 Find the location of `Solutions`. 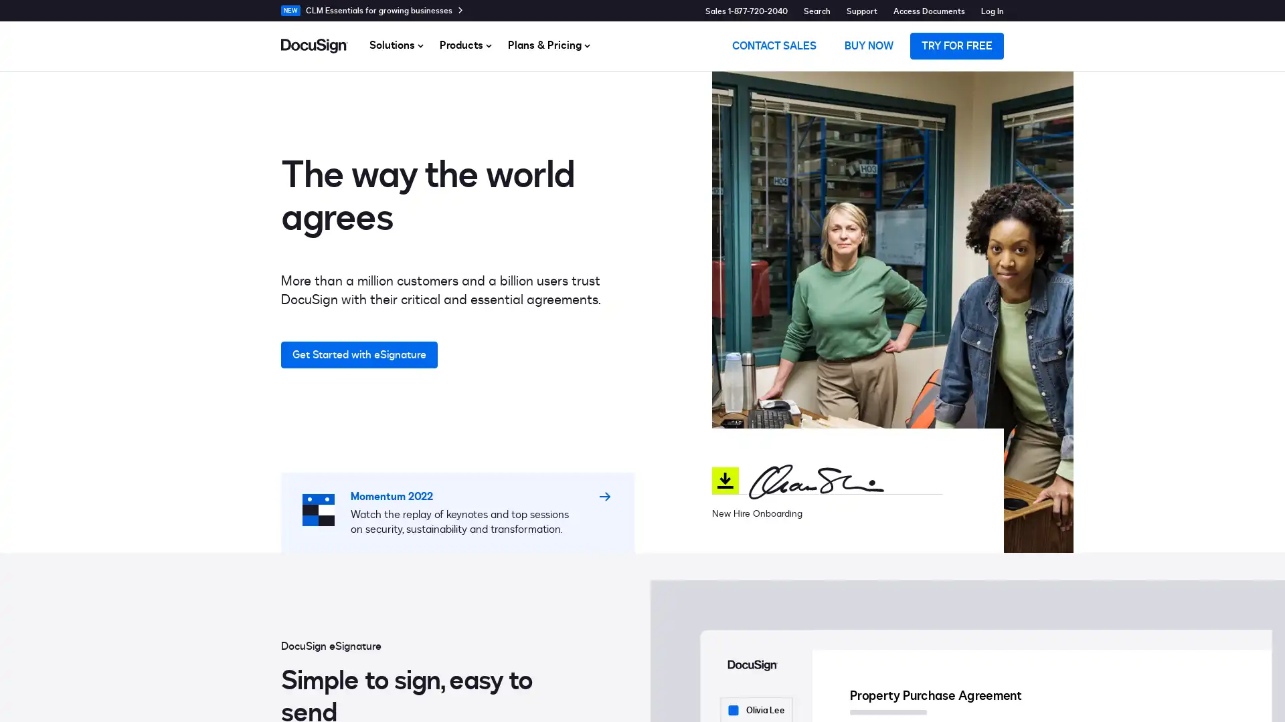

Solutions is located at coordinates (396, 45).